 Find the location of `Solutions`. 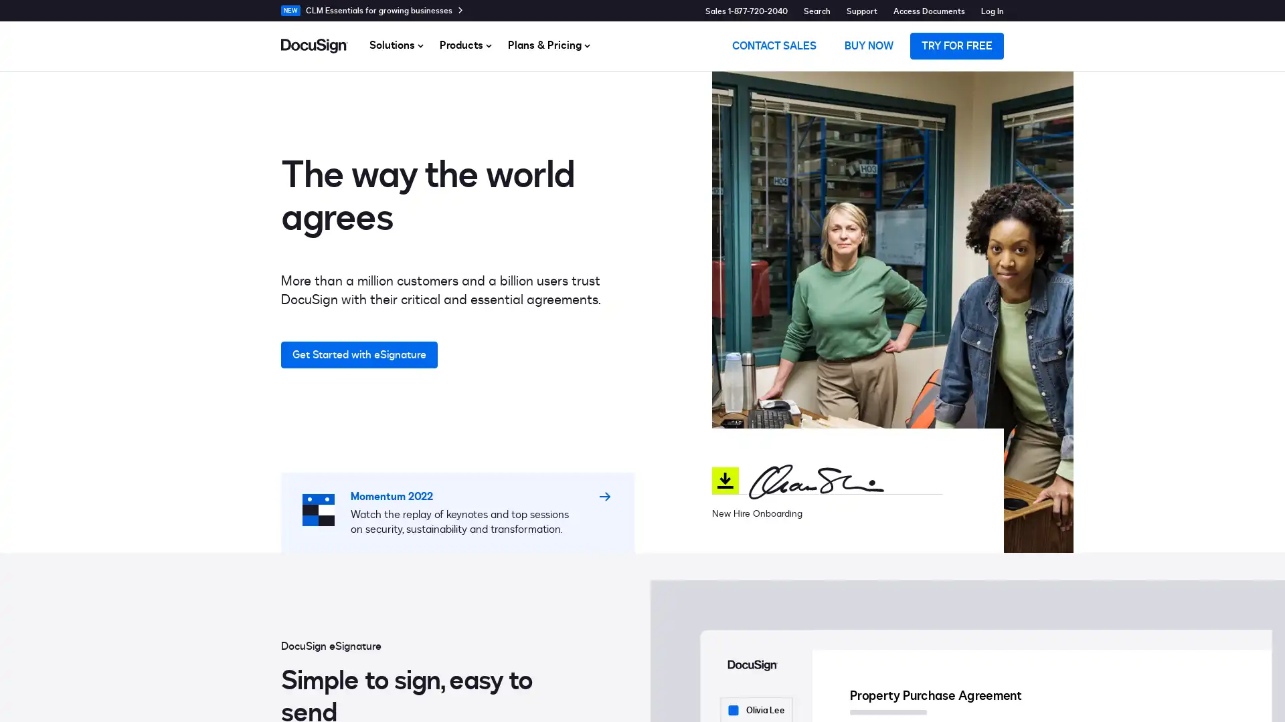

Solutions is located at coordinates (396, 45).